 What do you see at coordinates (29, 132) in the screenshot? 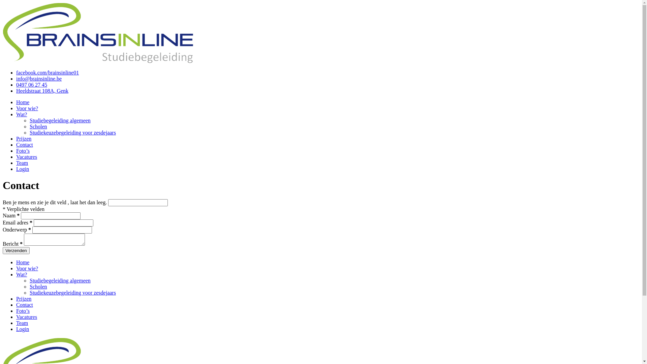
I see `'Studiekeuzebegeleiding voor zesdejaars'` at bounding box center [29, 132].